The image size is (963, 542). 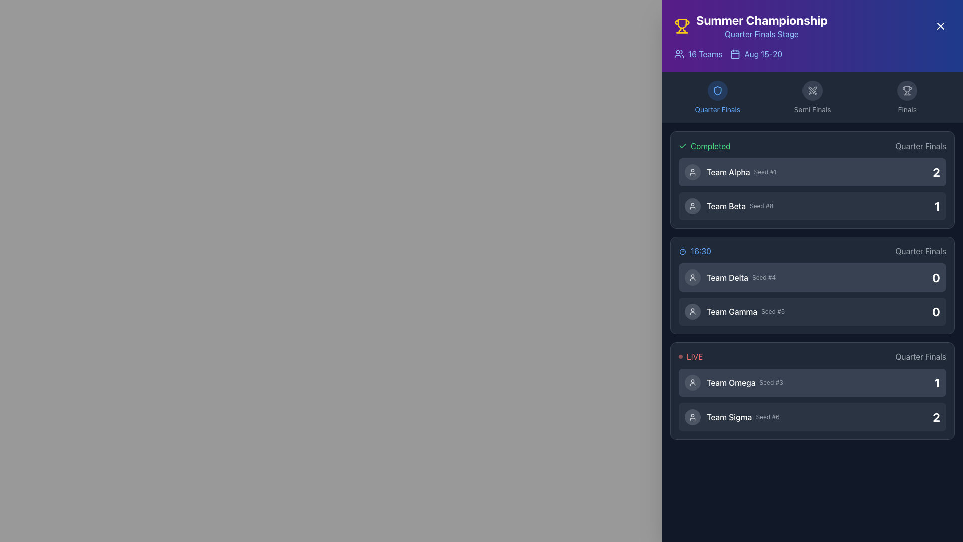 I want to click on the first informational card displaying completed match results in the right panel under the 'Completed' section, so click(x=813, y=179).